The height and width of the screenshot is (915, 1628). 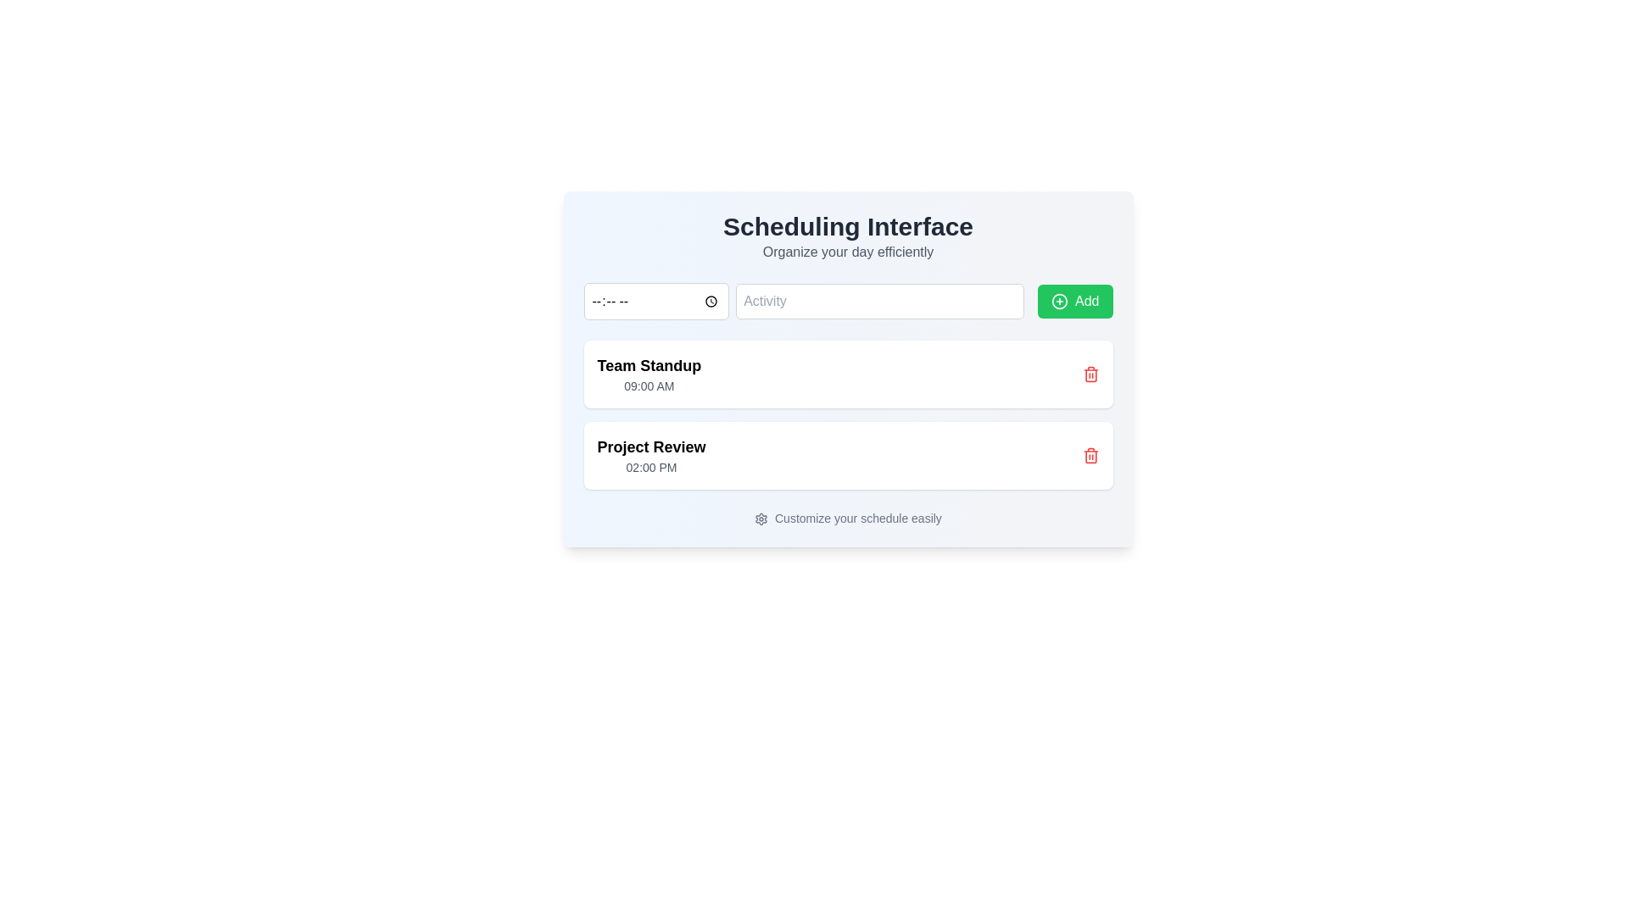 What do you see at coordinates (1090, 374) in the screenshot?
I see `the delete button located at the top right corner of the 'Team Standup' event card to indicate it is an interactive element` at bounding box center [1090, 374].